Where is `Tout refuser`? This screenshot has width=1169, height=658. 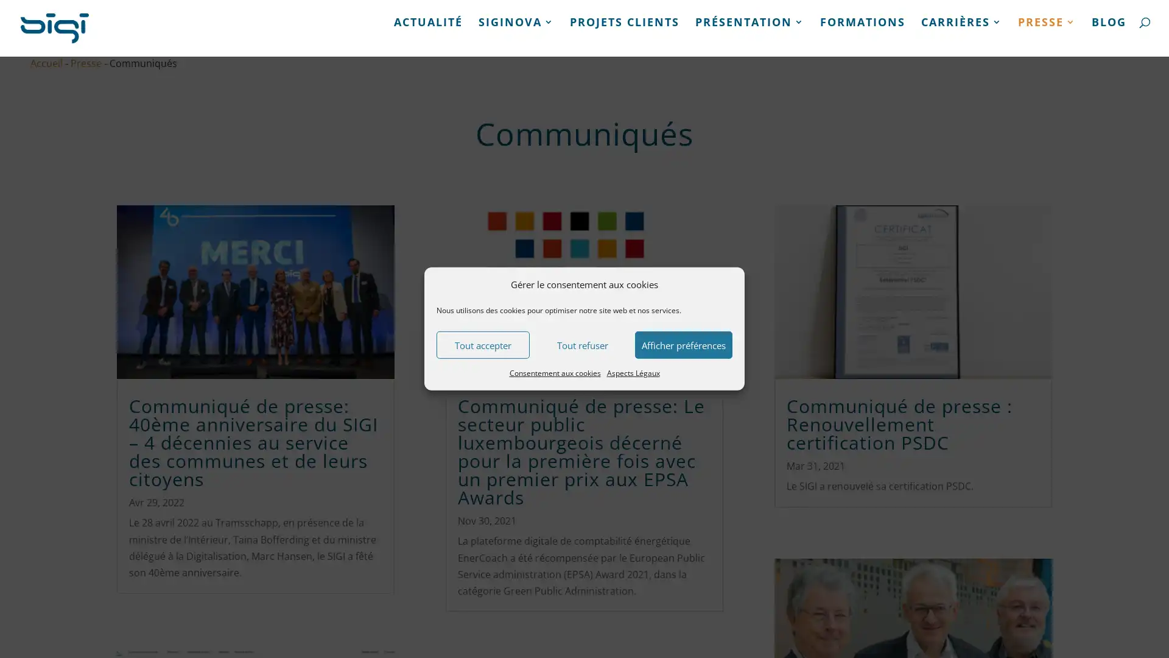 Tout refuser is located at coordinates (581, 345).